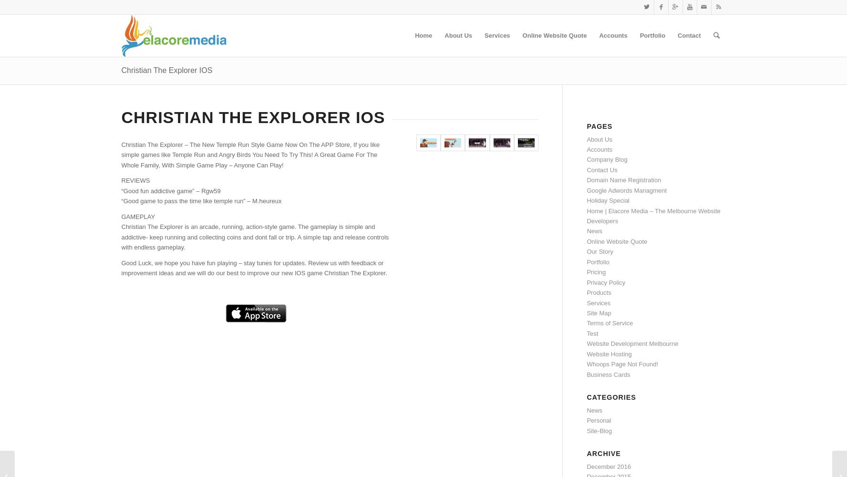 This screenshot has height=477, width=847. Describe the element at coordinates (609, 353) in the screenshot. I see `'Website Hosting'` at that location.